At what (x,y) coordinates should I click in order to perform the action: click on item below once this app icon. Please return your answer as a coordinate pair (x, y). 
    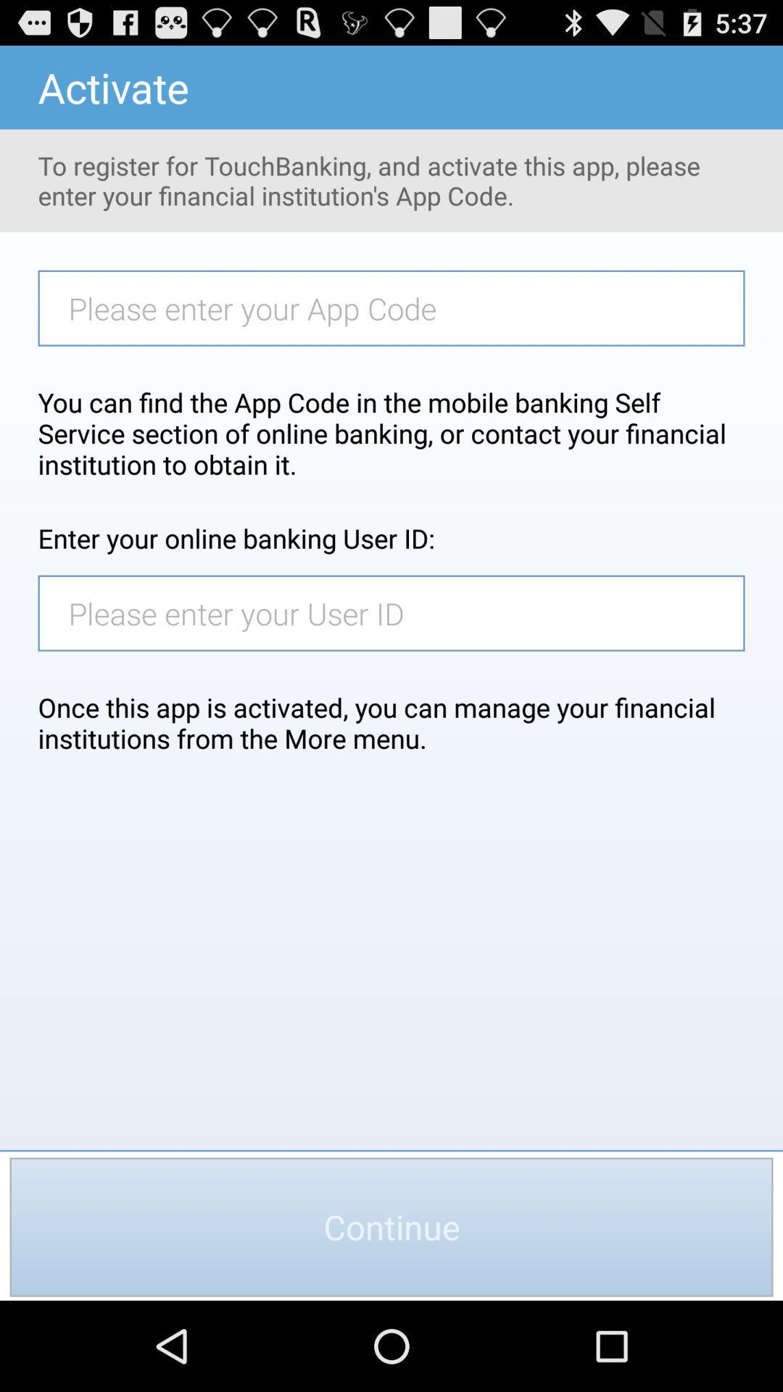
    Looking at the image, I should click on (391, 1226).